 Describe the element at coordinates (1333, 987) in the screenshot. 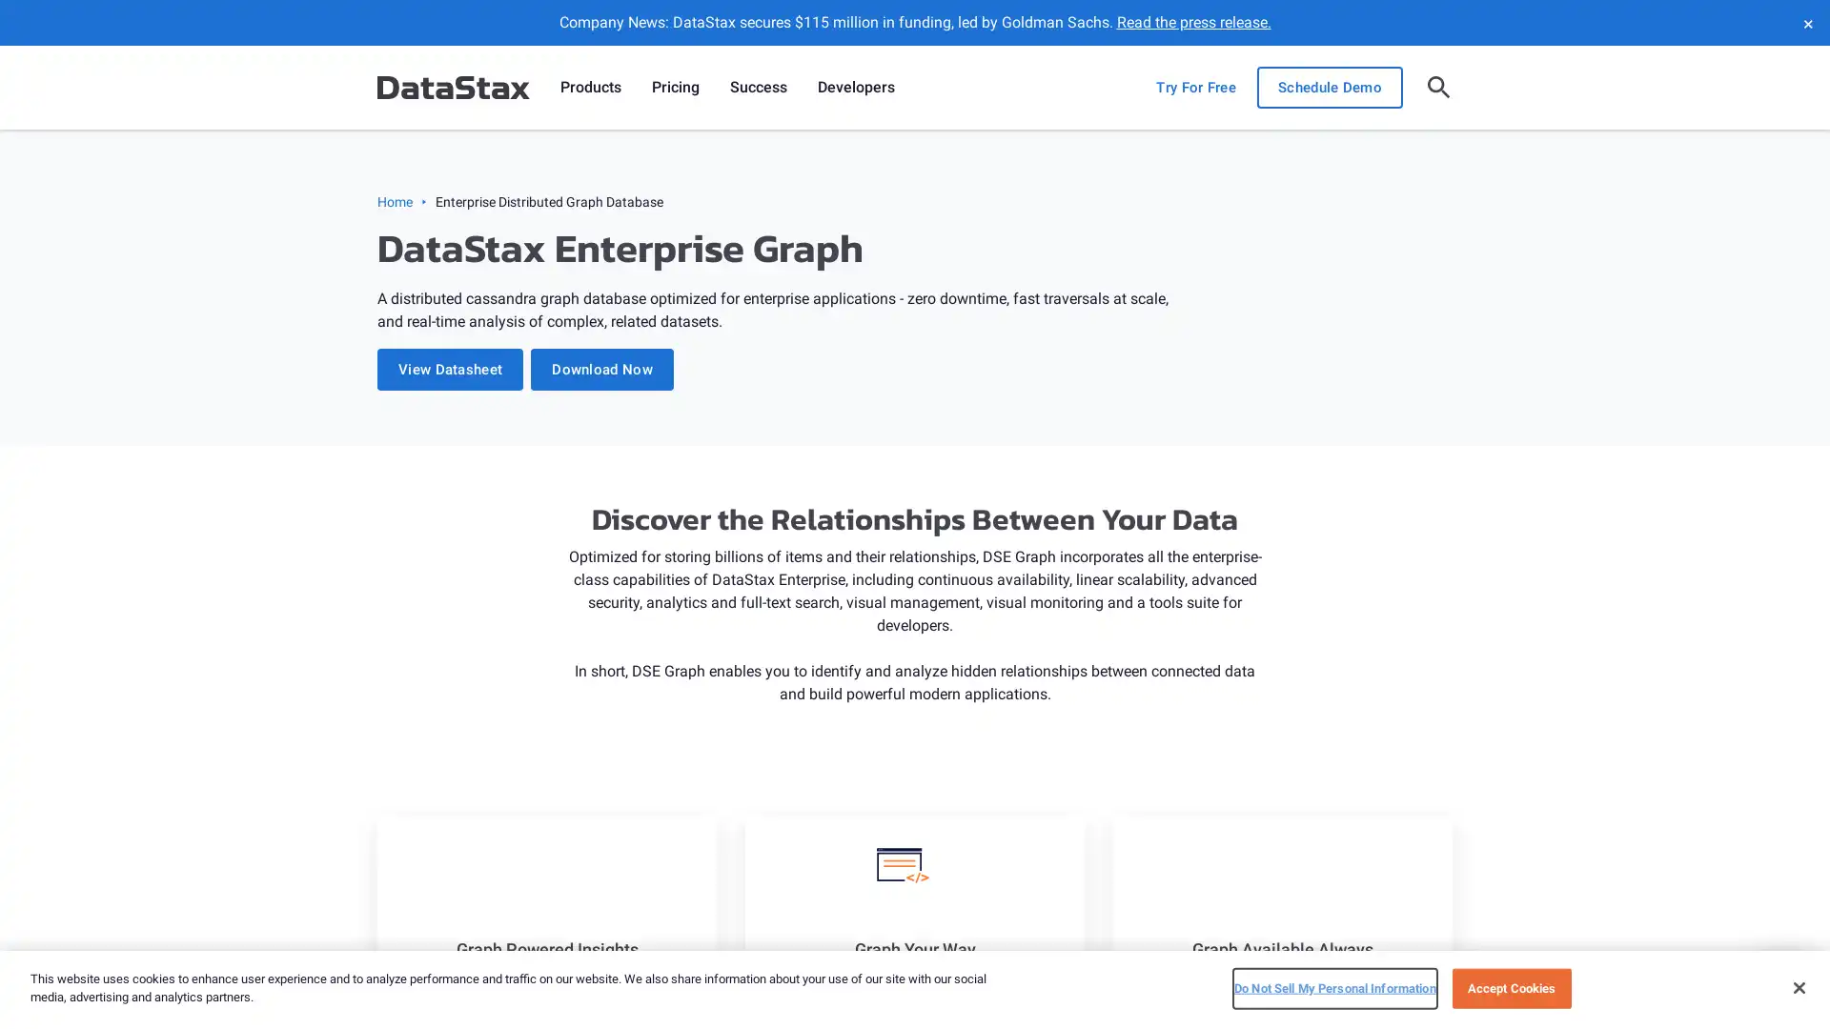

I see `Do Not Sell My Personal Information` at that location.